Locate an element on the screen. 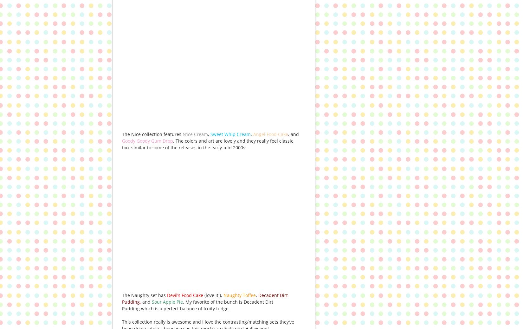 The width and height of the screenshot is (523, 329). 'Angel Food Cake' is located at coordinates (271, 134).